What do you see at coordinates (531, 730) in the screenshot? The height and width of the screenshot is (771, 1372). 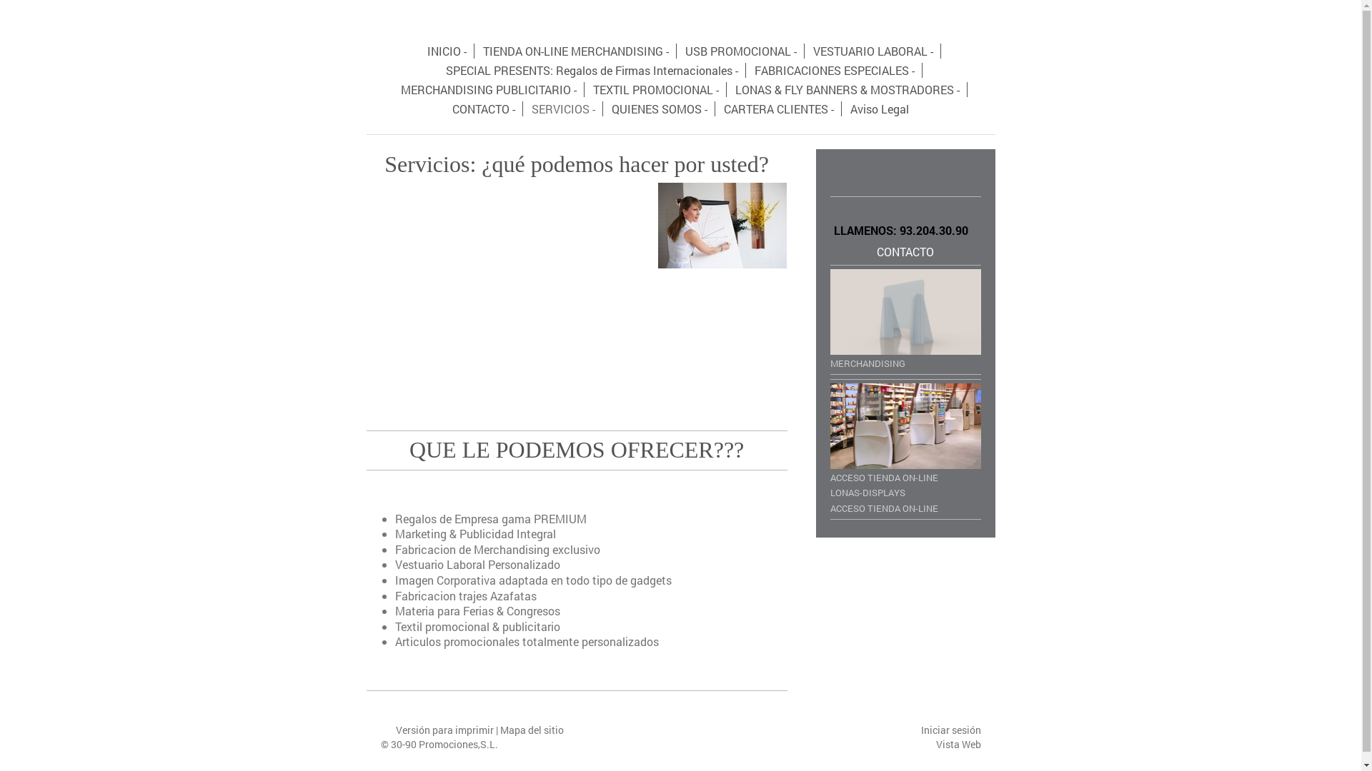 I see `'Mapa del sitio'` at bounding box center [531, 730].